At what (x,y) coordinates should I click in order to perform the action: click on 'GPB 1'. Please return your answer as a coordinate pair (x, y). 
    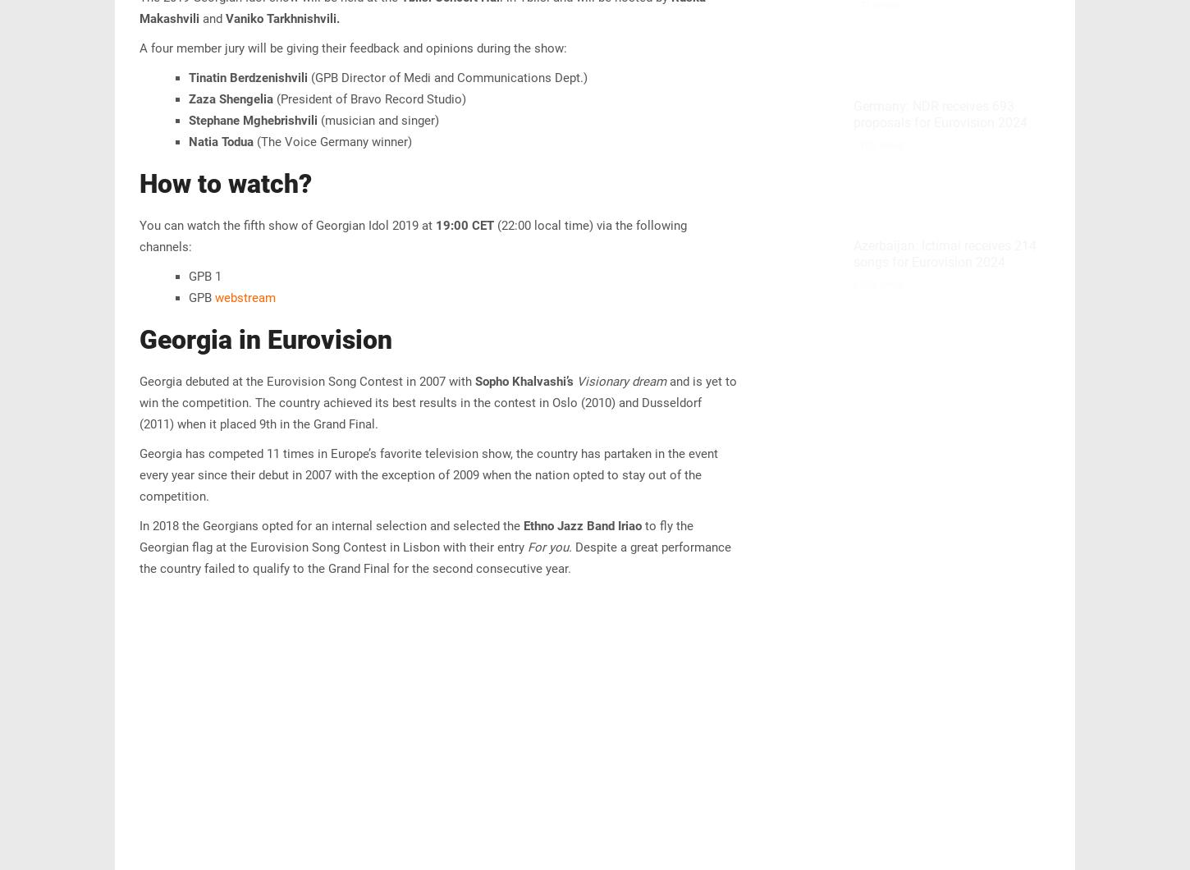
    Looking at the image, I should click on (204, 276).